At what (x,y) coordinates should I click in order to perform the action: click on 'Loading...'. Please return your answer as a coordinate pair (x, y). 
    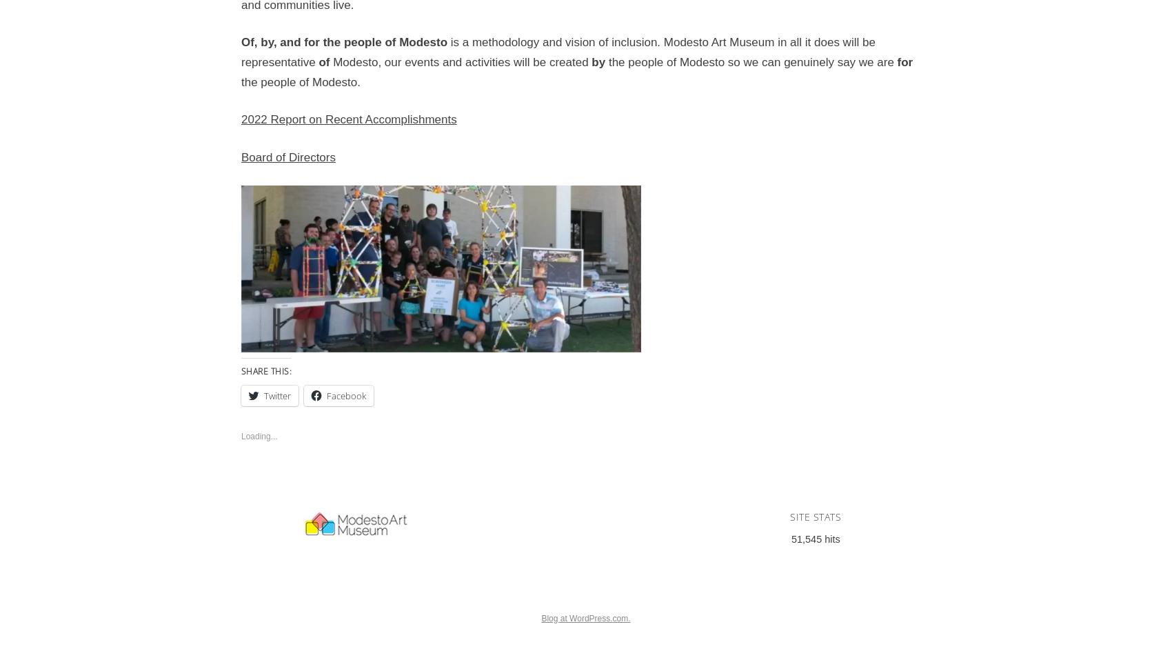
    Looking at the image, I should click on (240, 435).